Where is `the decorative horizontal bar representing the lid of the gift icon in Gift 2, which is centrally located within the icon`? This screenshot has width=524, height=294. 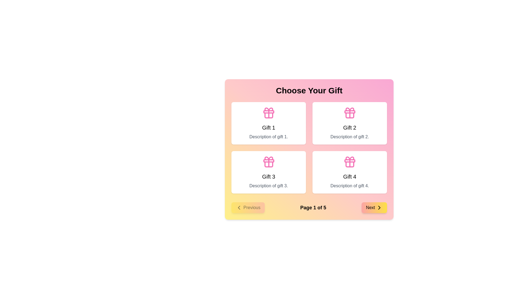
the decorative horizontal bar representing the lid of the gift icon in Gift 2, which is centrally located within the icon is located at coordinates (350, 112).